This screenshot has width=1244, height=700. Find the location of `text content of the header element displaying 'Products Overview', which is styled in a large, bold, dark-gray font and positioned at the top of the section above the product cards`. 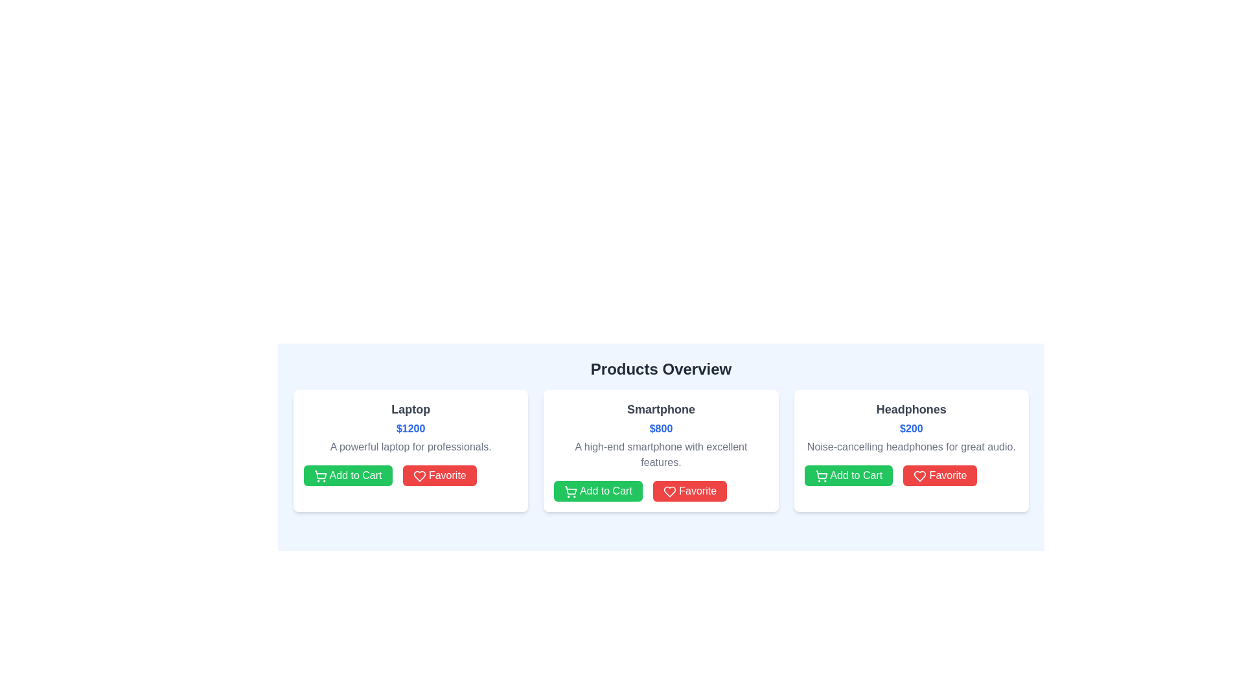

text content of the header element displaying 'Products Overview', which is styled in a large, bold, dark-gray font and positioned at the top of the section above the product cards is located at coordinates (661, 369).